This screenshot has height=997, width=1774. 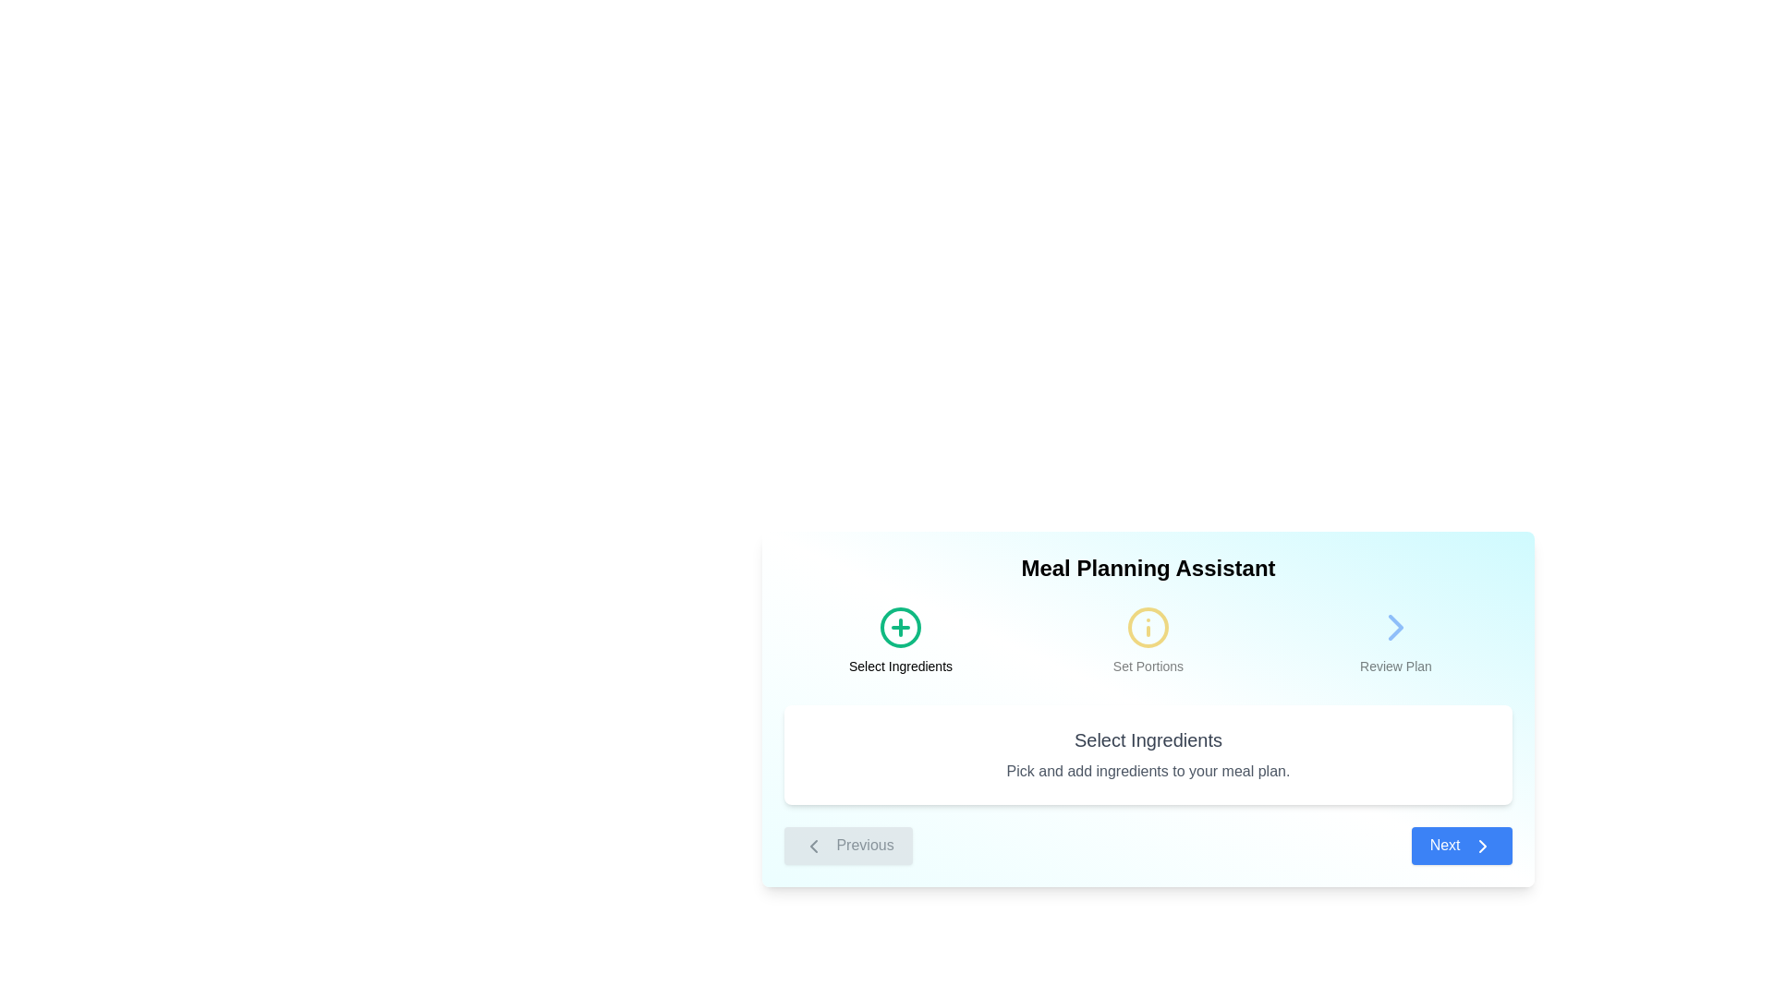 What do you see at coordinates (1148, 568) in the screenshot?
I see `bold, centered text 'Meal Planning Assistant' located at the top of the card component with a gradient background` at bounding box center [1148, 568].